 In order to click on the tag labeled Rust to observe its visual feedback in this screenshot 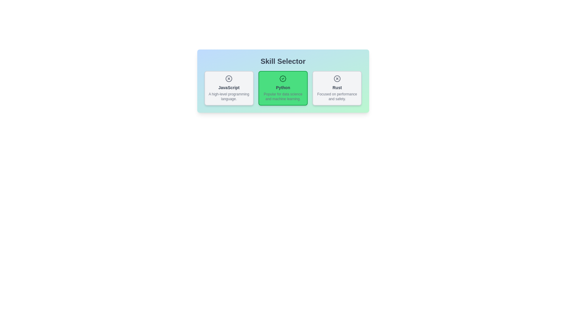, I will do `click(337, 88)`.